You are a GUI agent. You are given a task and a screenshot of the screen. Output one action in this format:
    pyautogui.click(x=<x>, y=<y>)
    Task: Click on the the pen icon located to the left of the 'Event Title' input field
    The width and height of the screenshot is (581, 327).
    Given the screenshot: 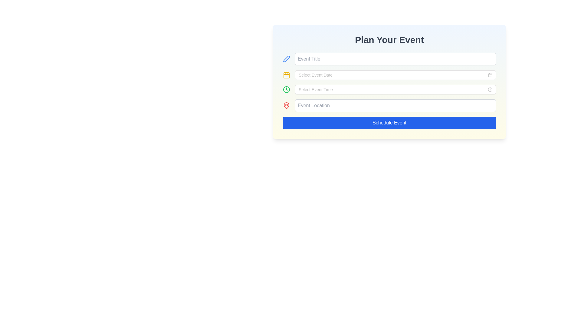 What is the action you would take?
    pyautogui.click(x=286, y=59)
    